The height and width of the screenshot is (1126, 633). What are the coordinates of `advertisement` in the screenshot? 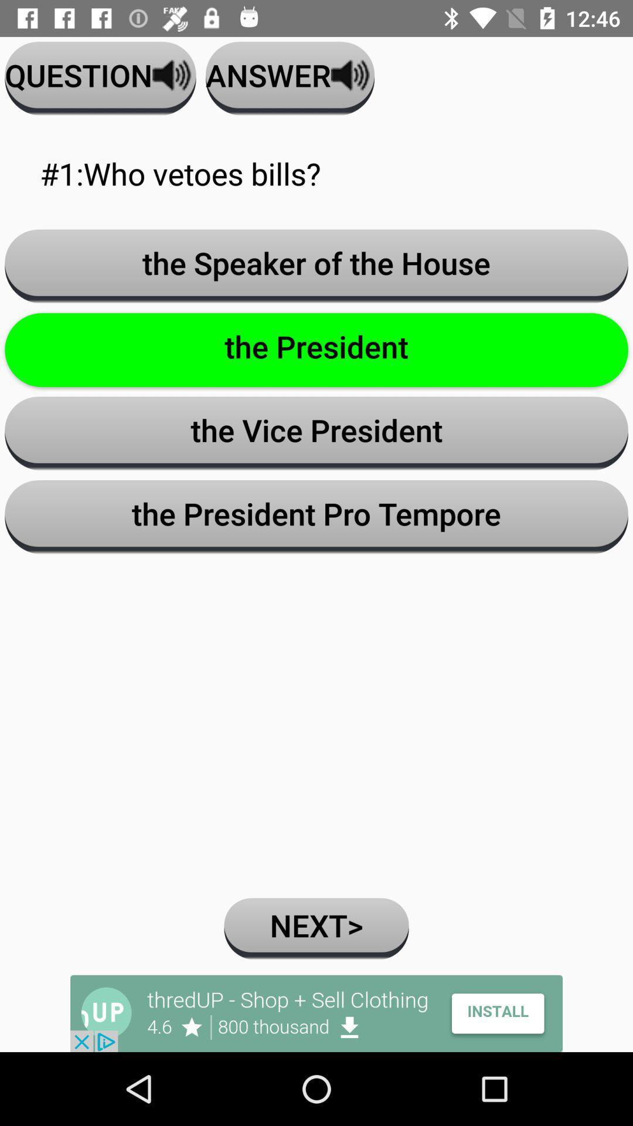 It's located at (316, 1013).